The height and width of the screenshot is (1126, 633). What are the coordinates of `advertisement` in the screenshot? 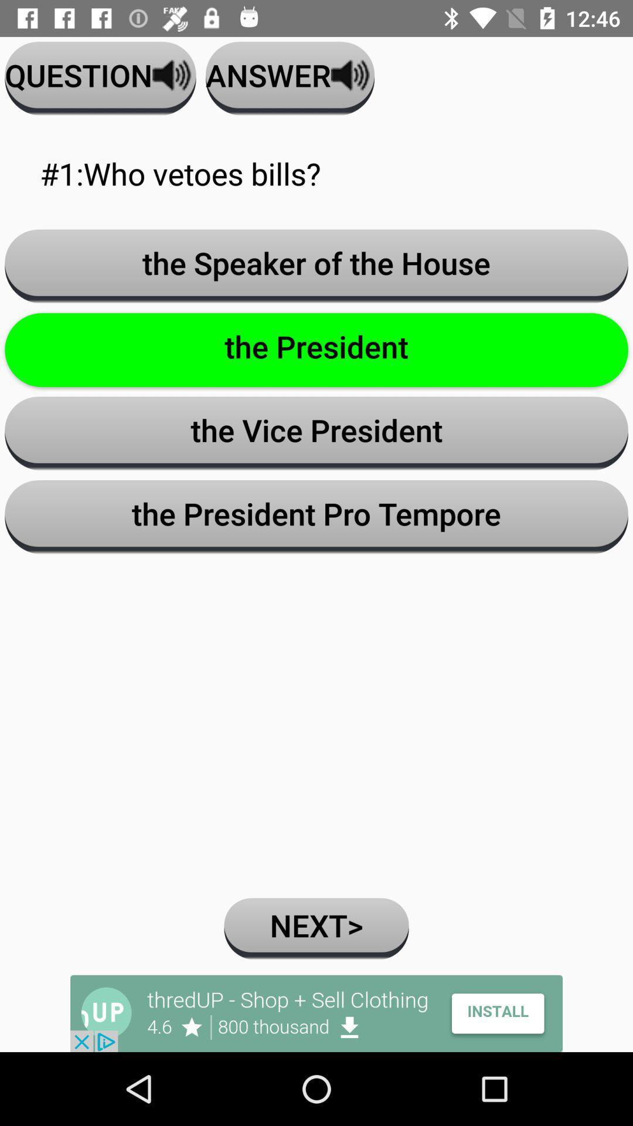 It's located at (316, 1013).